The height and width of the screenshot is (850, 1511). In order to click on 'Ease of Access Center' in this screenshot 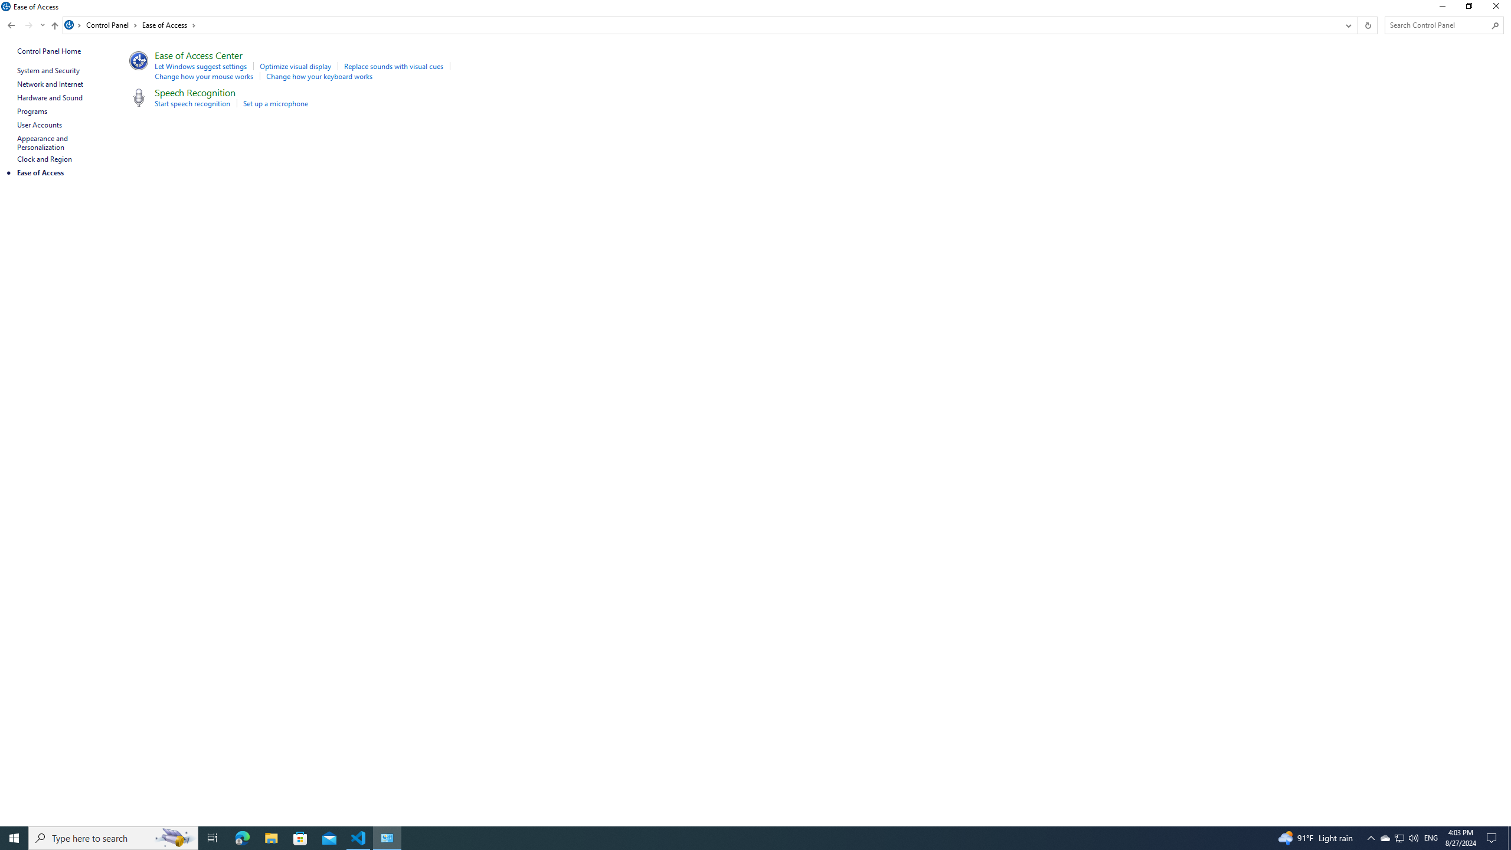, I will do `click(198, 54)`.